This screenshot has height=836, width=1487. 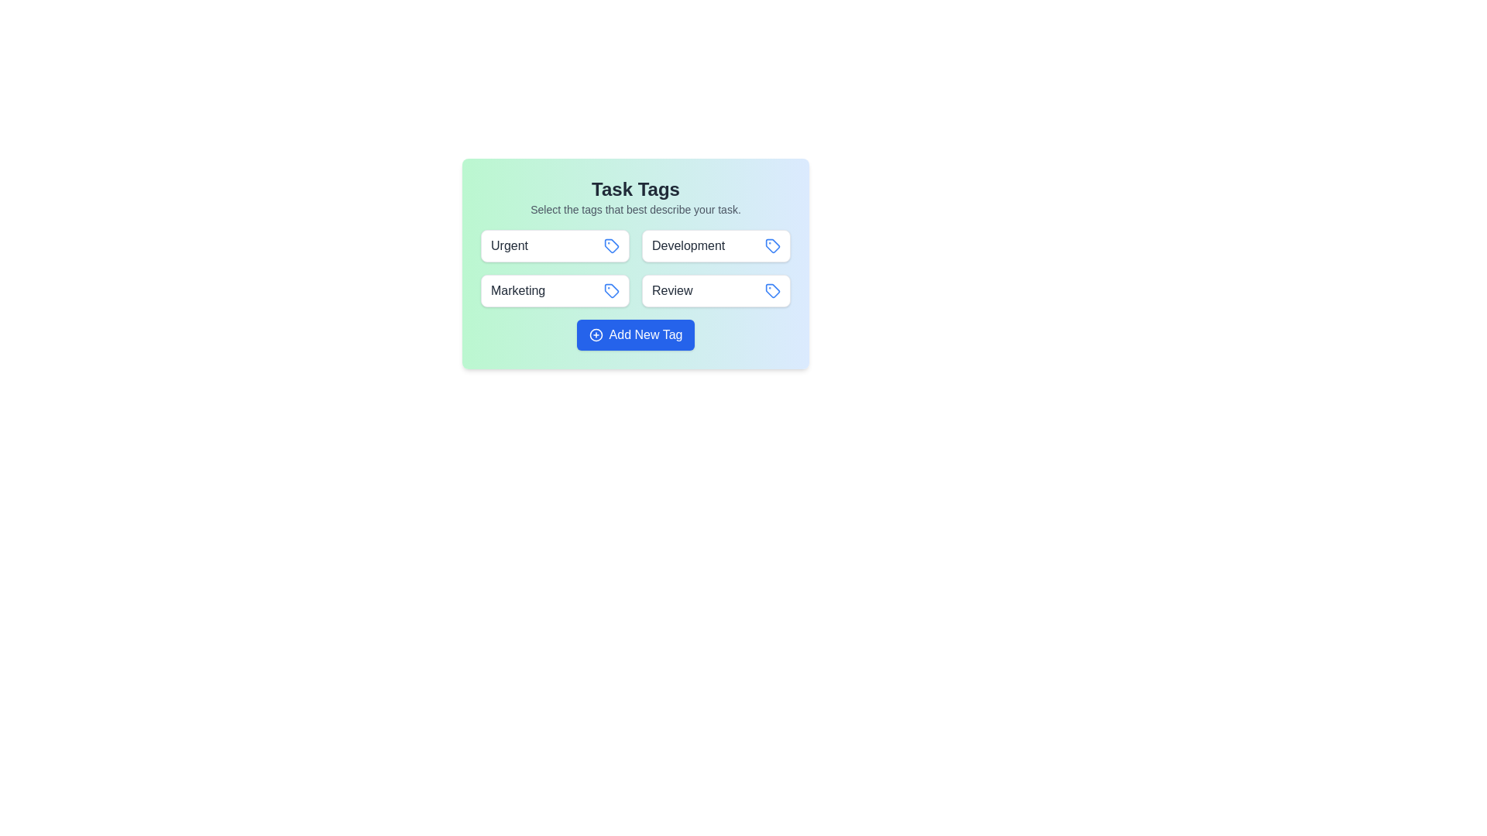 I want to click on the tag labeled Marketing, so click(x=555, y=290).